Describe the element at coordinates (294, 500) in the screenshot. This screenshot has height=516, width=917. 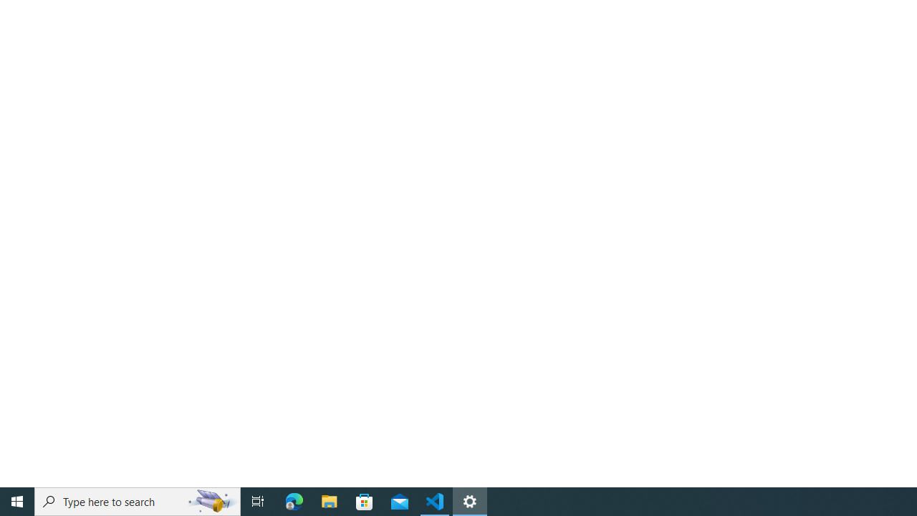
I see `'Microsoft Edge'` at that location.